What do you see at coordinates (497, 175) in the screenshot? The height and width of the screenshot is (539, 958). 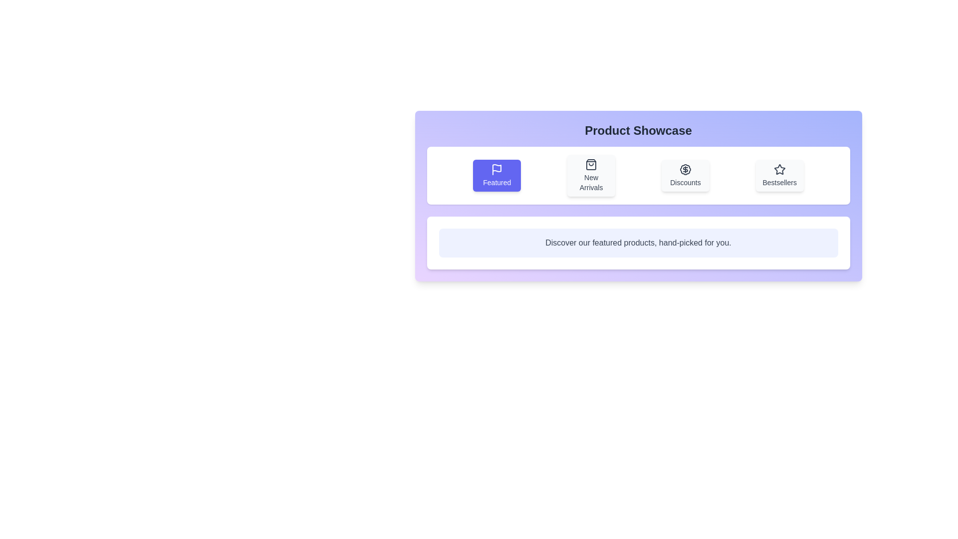 I see `the 'Featured' button` at bounding box center [497, 175].